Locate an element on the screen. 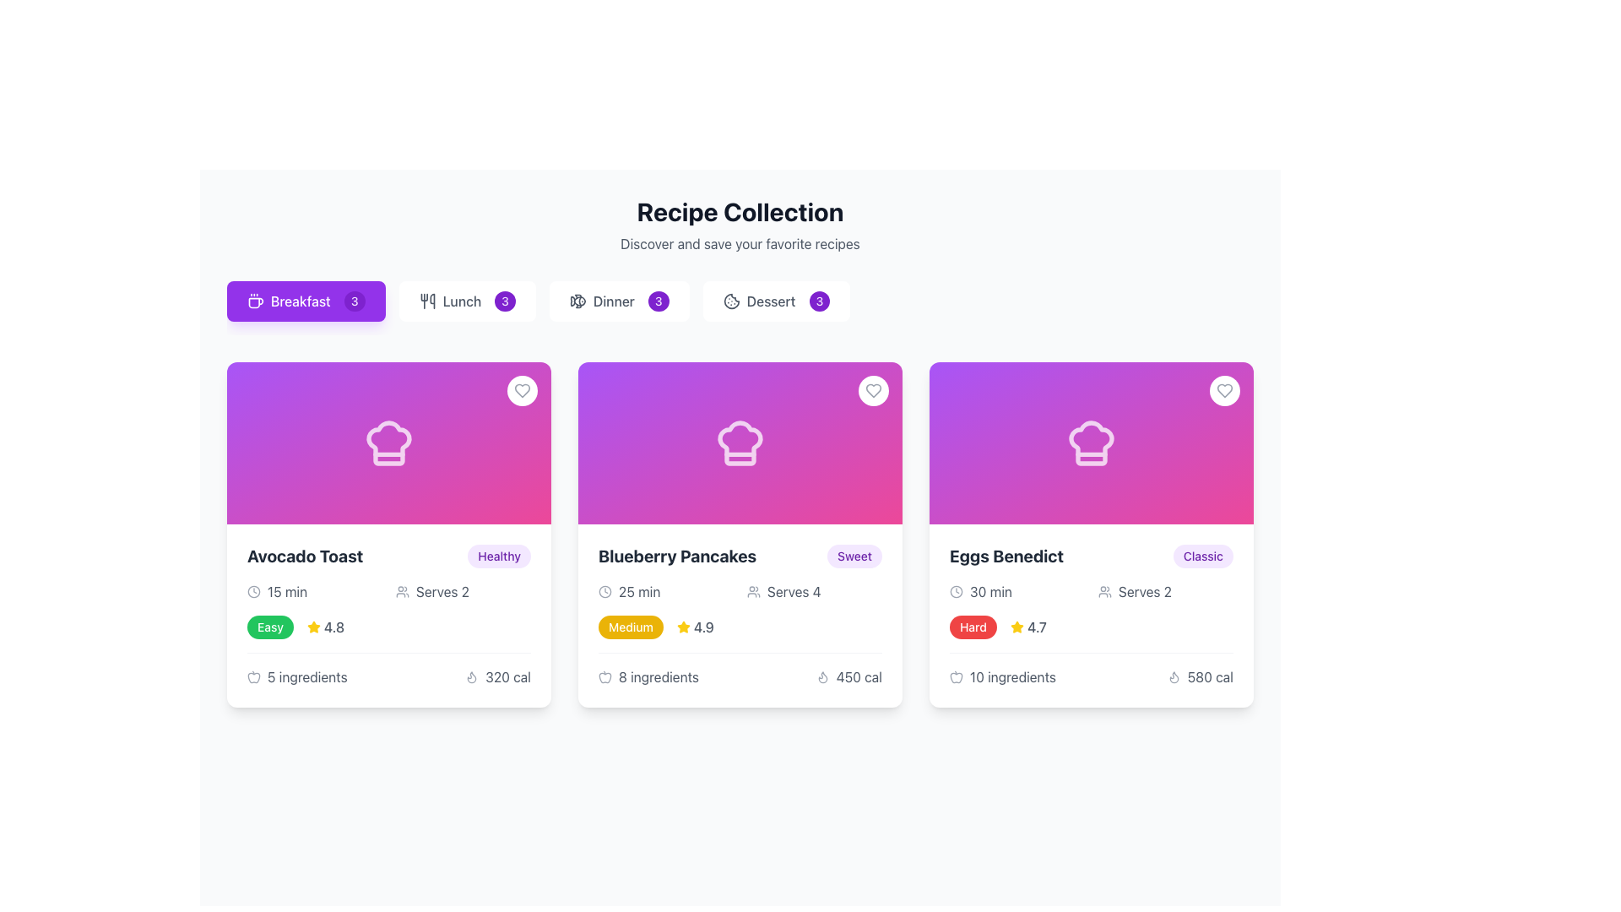  the content of the label indicating the category of the recipe 'Blueberry Pancakes', which suggests it belongs to a 'Sweet' classification is located at coordinates (854, 556).